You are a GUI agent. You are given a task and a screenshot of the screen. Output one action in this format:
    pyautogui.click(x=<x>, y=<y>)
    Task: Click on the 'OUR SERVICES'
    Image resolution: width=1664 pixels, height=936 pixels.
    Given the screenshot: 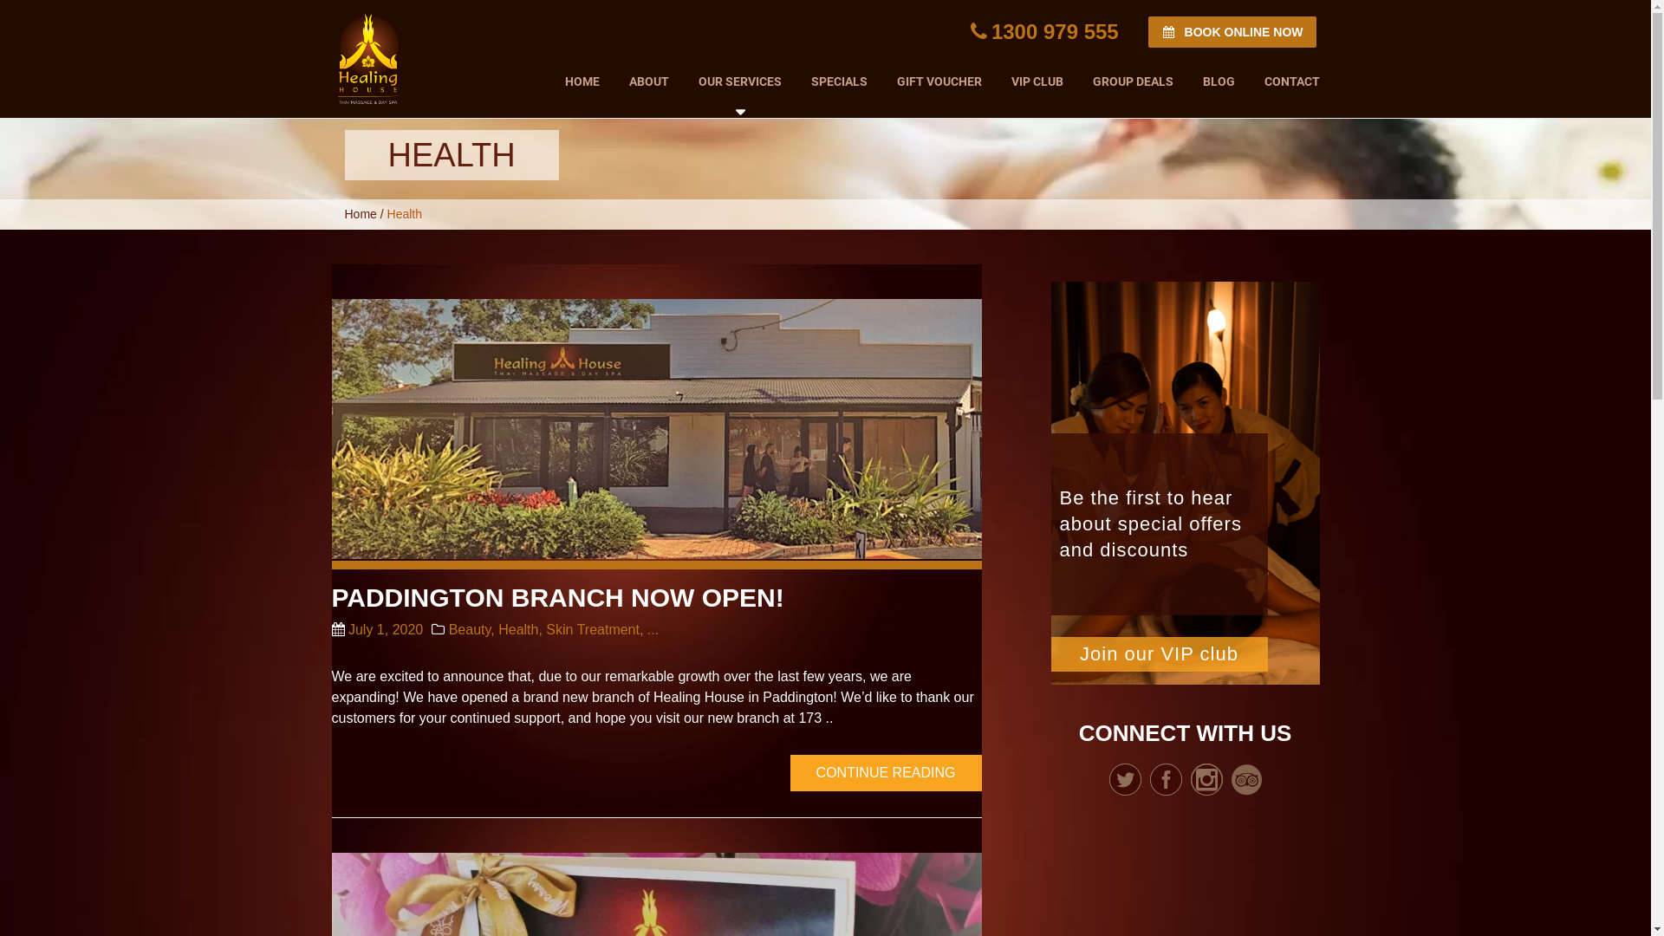 What is the action you would take?
    pyautogui.click(x=739, y=81)
    